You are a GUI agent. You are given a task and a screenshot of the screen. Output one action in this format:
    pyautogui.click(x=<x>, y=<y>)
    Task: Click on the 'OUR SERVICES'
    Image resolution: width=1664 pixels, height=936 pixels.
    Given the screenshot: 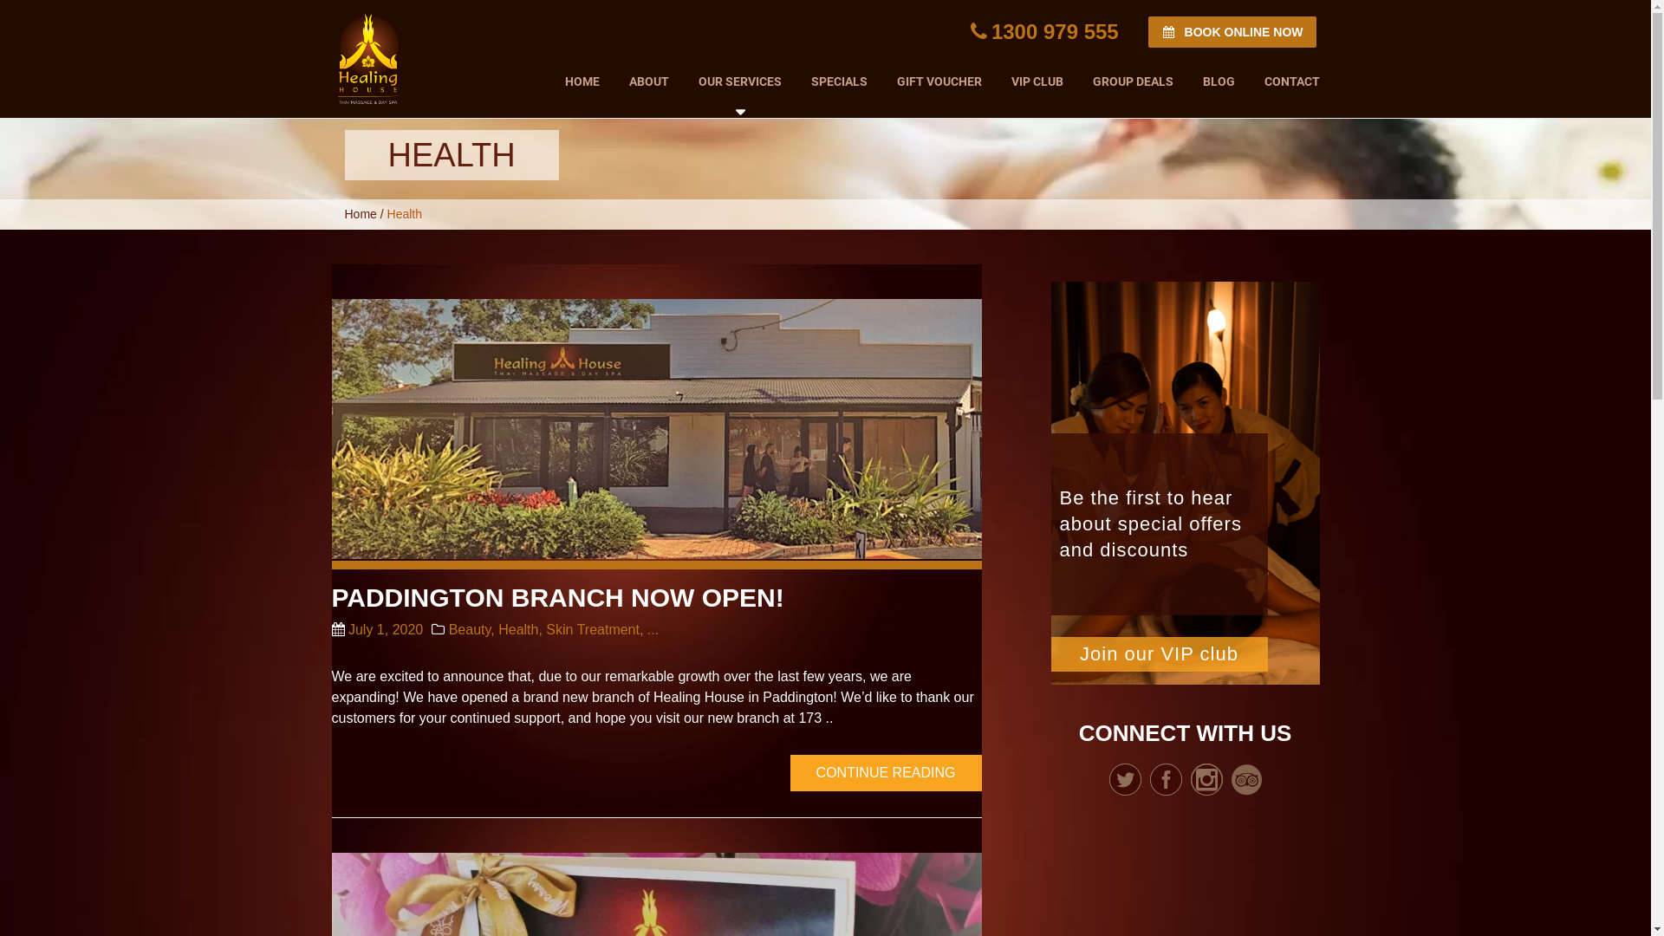 What is the action you would take?
    pyautogui.click(x=739, y=81)
    